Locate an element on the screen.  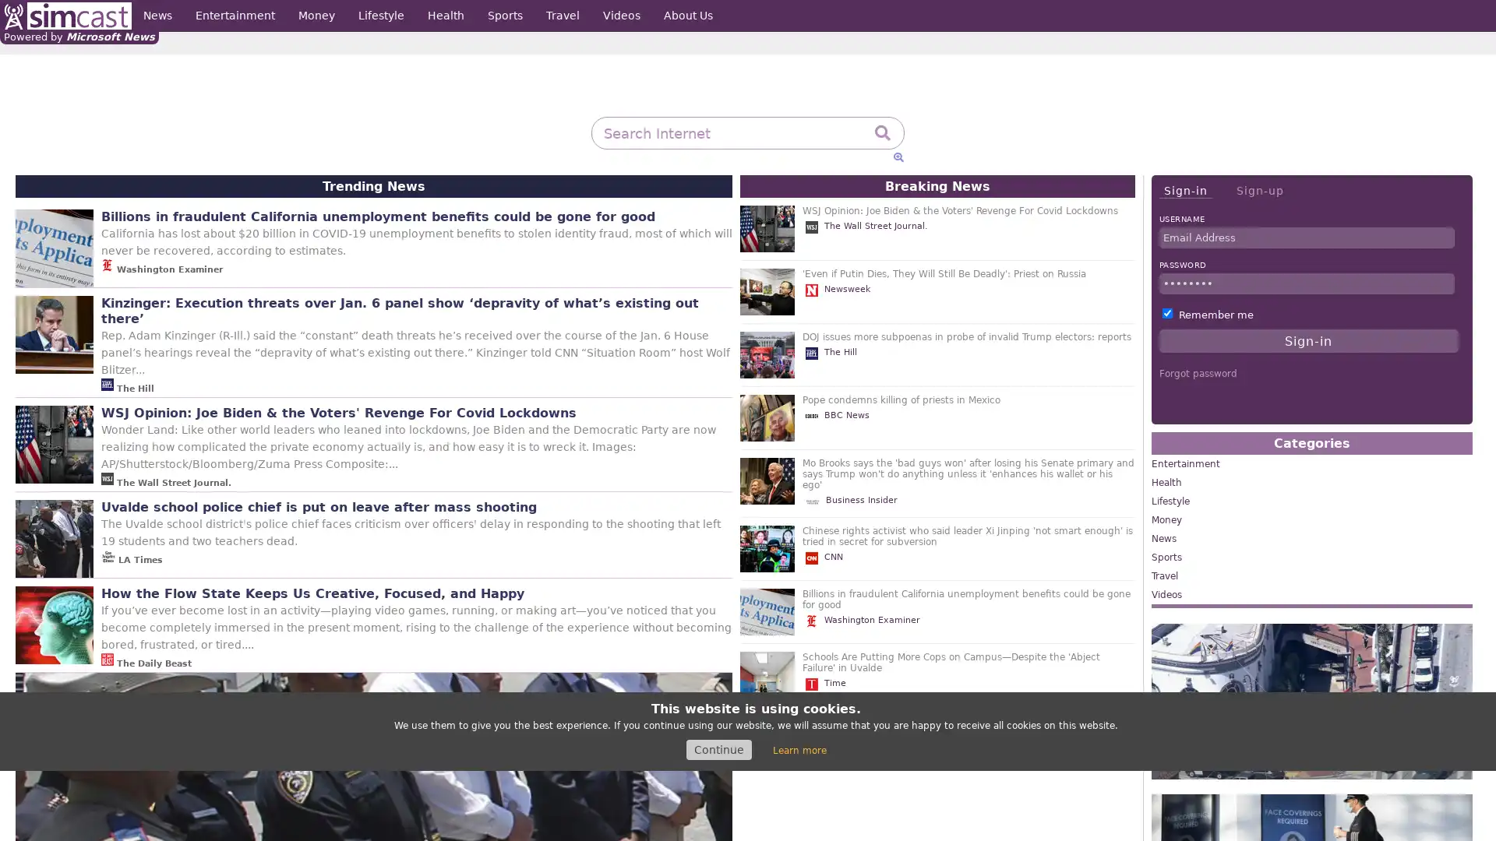
Continue is located at coordinates (718, 749).